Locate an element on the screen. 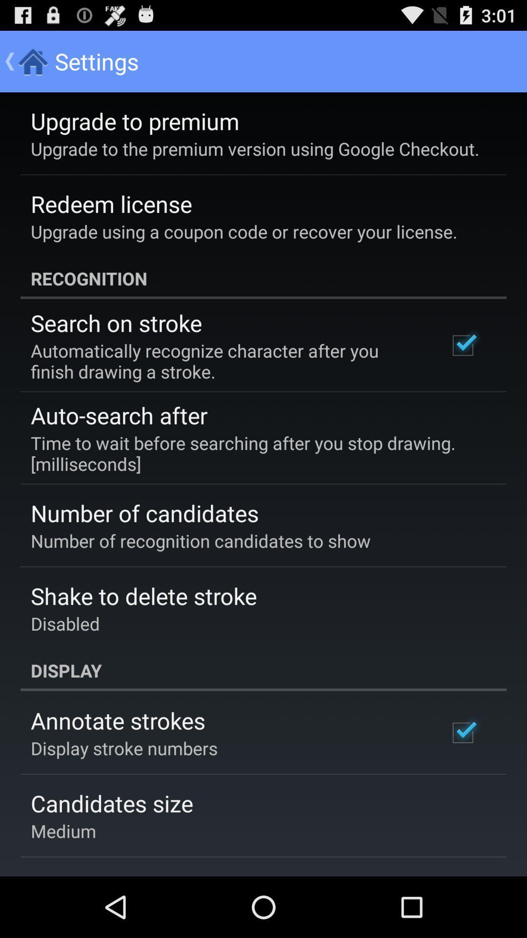 This screenshot has width=527, height=938. the automatically recognize character is located at coordinates (226, 361).